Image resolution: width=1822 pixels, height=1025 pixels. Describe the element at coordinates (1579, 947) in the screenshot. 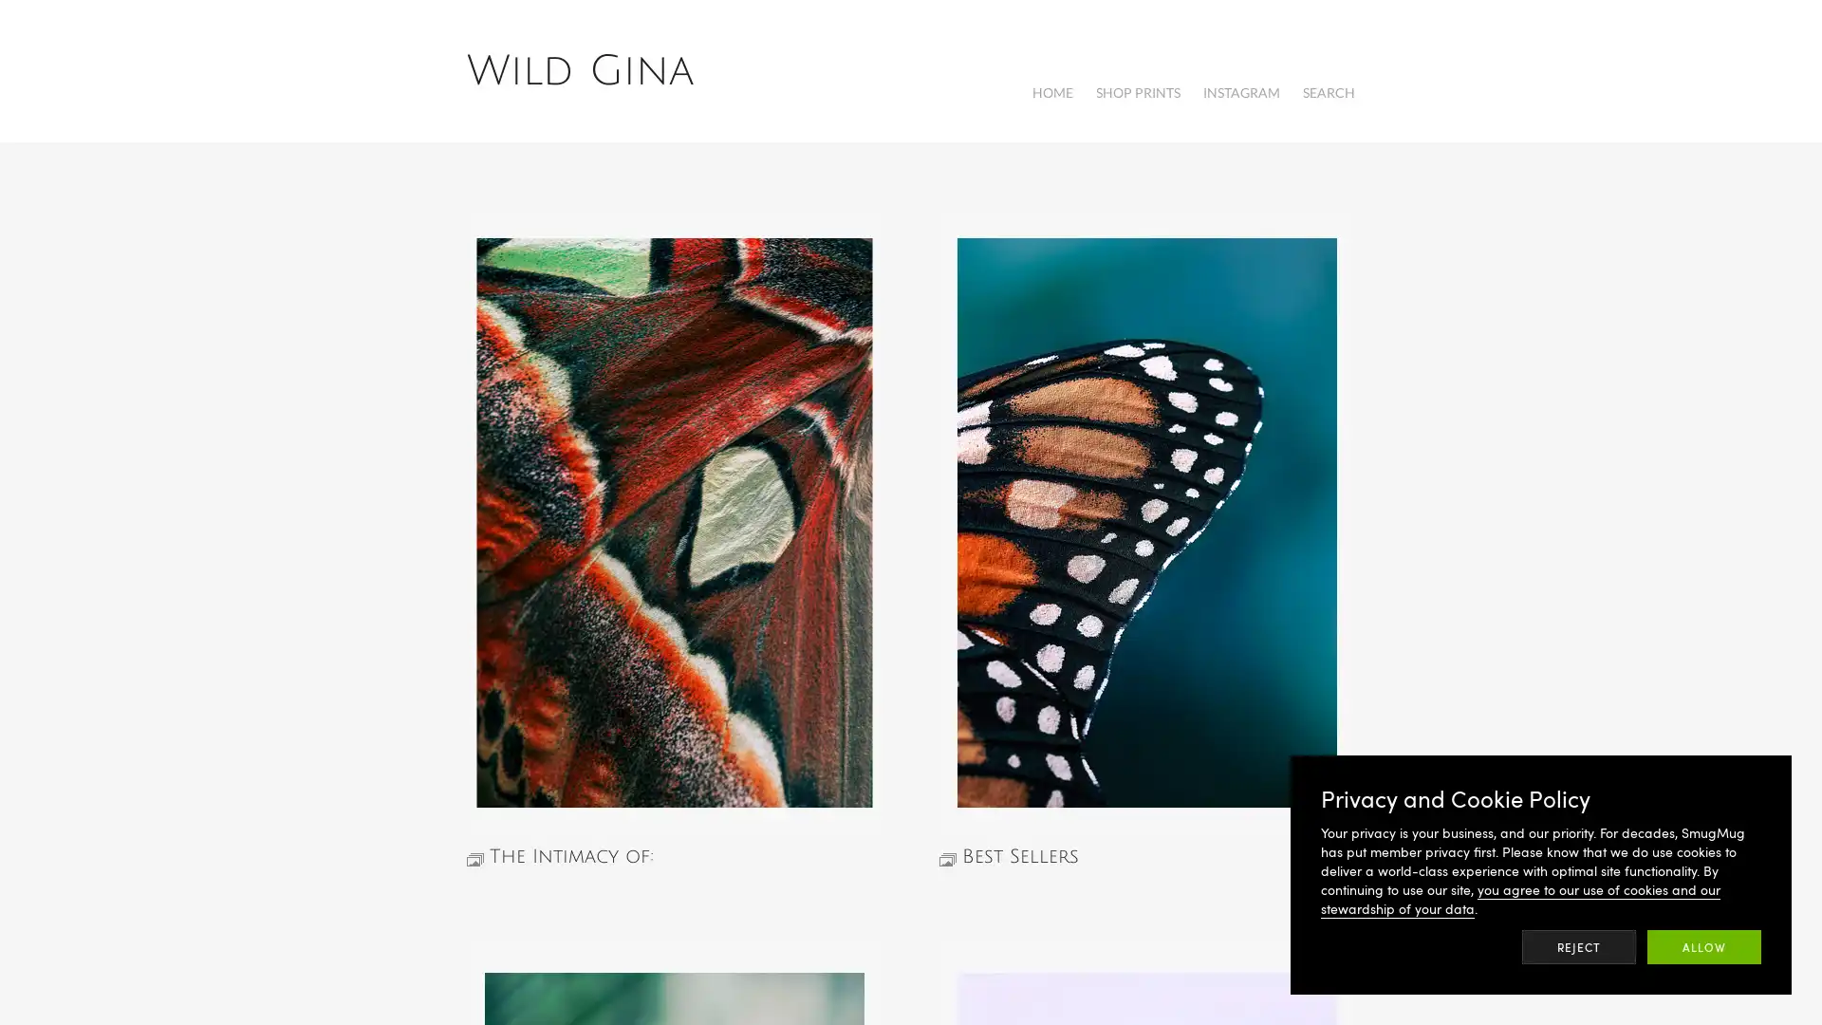

I see `REJECT` at that location.